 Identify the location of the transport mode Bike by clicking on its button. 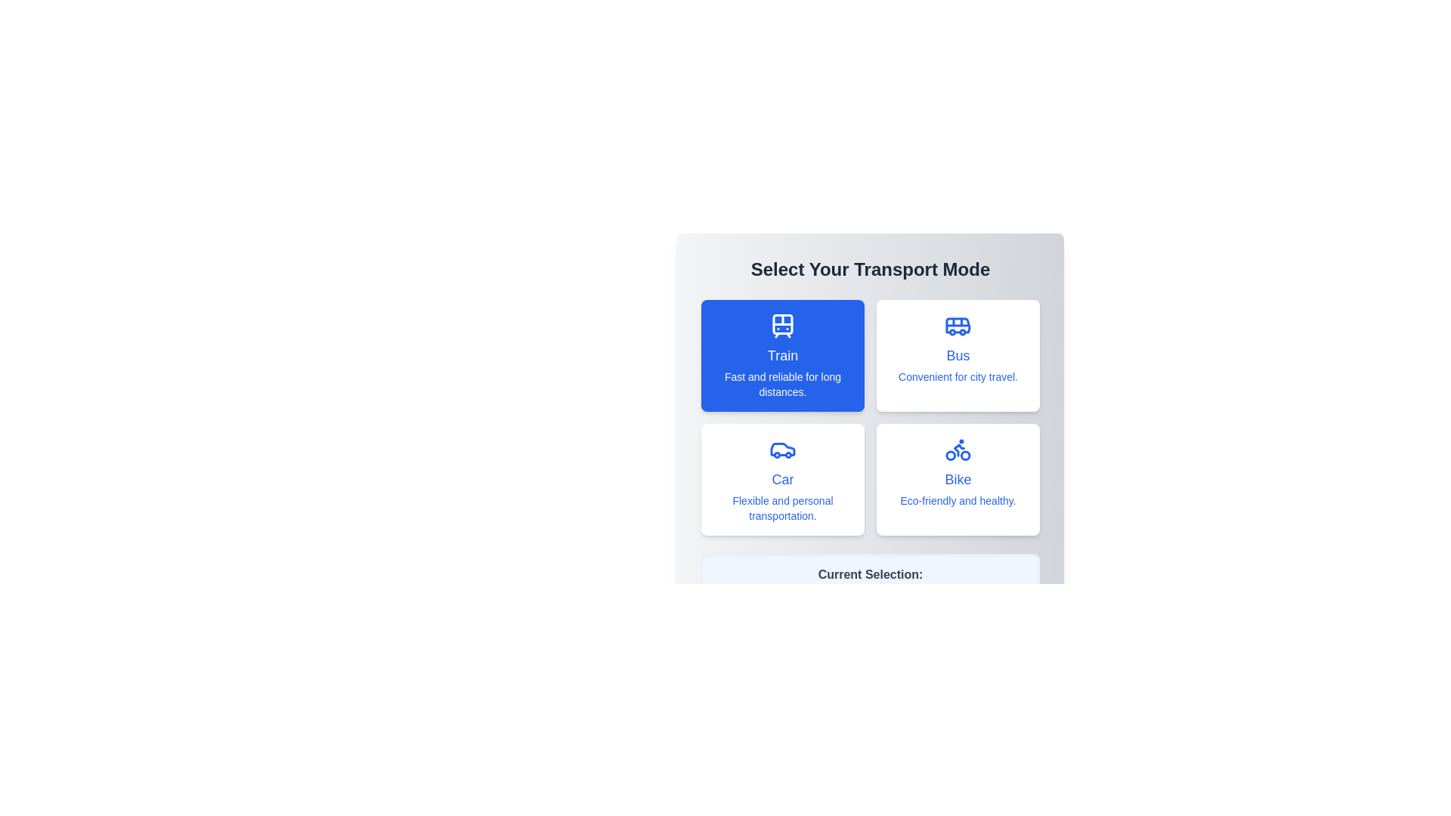
(957, 480).